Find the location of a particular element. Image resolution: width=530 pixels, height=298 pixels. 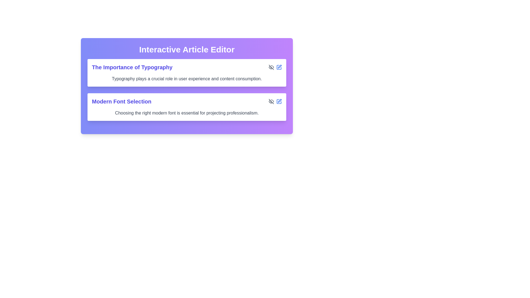

the square icon with a pen overlay located in the top-right corner of the first article card, which is the leftmost icon in the second icon group is located at coordinates (279, 67).